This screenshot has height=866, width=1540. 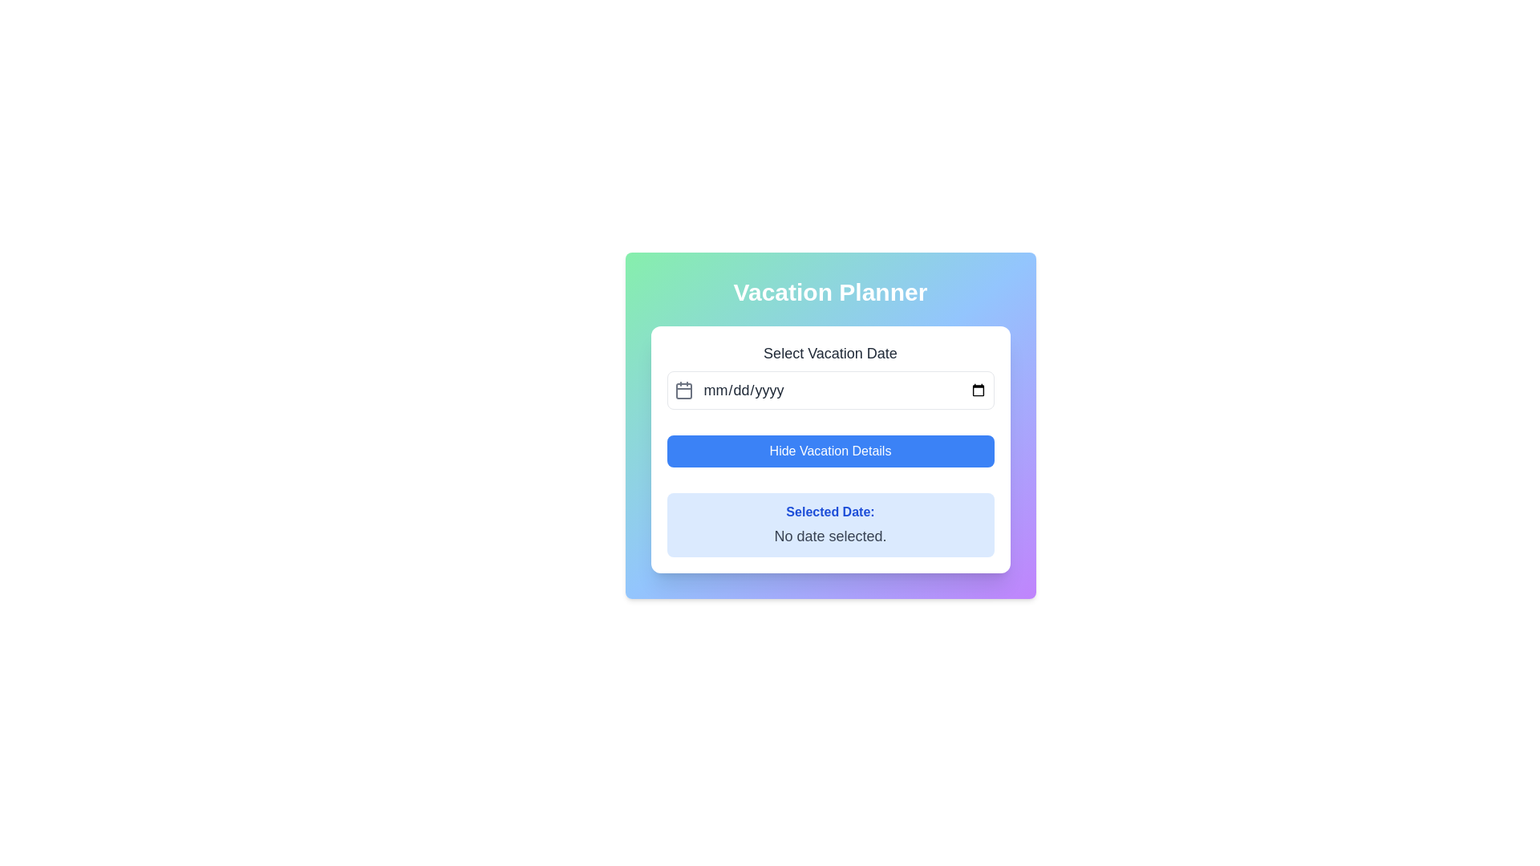 What do you see at coordinates (830, 390) in the screenshot?
I see `the Date Picker Field located below 'Select Vacation Date' in the 'Vacation Planner' form` at bounding box center [830, 390].